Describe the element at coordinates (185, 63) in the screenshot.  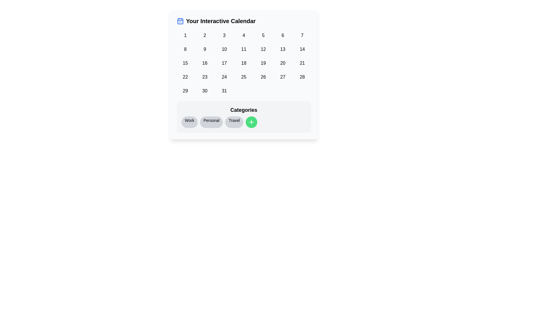
I see `the rectangular button labeled '15' in bold typeface located in the third row, first column of the calendar layout` at that location.